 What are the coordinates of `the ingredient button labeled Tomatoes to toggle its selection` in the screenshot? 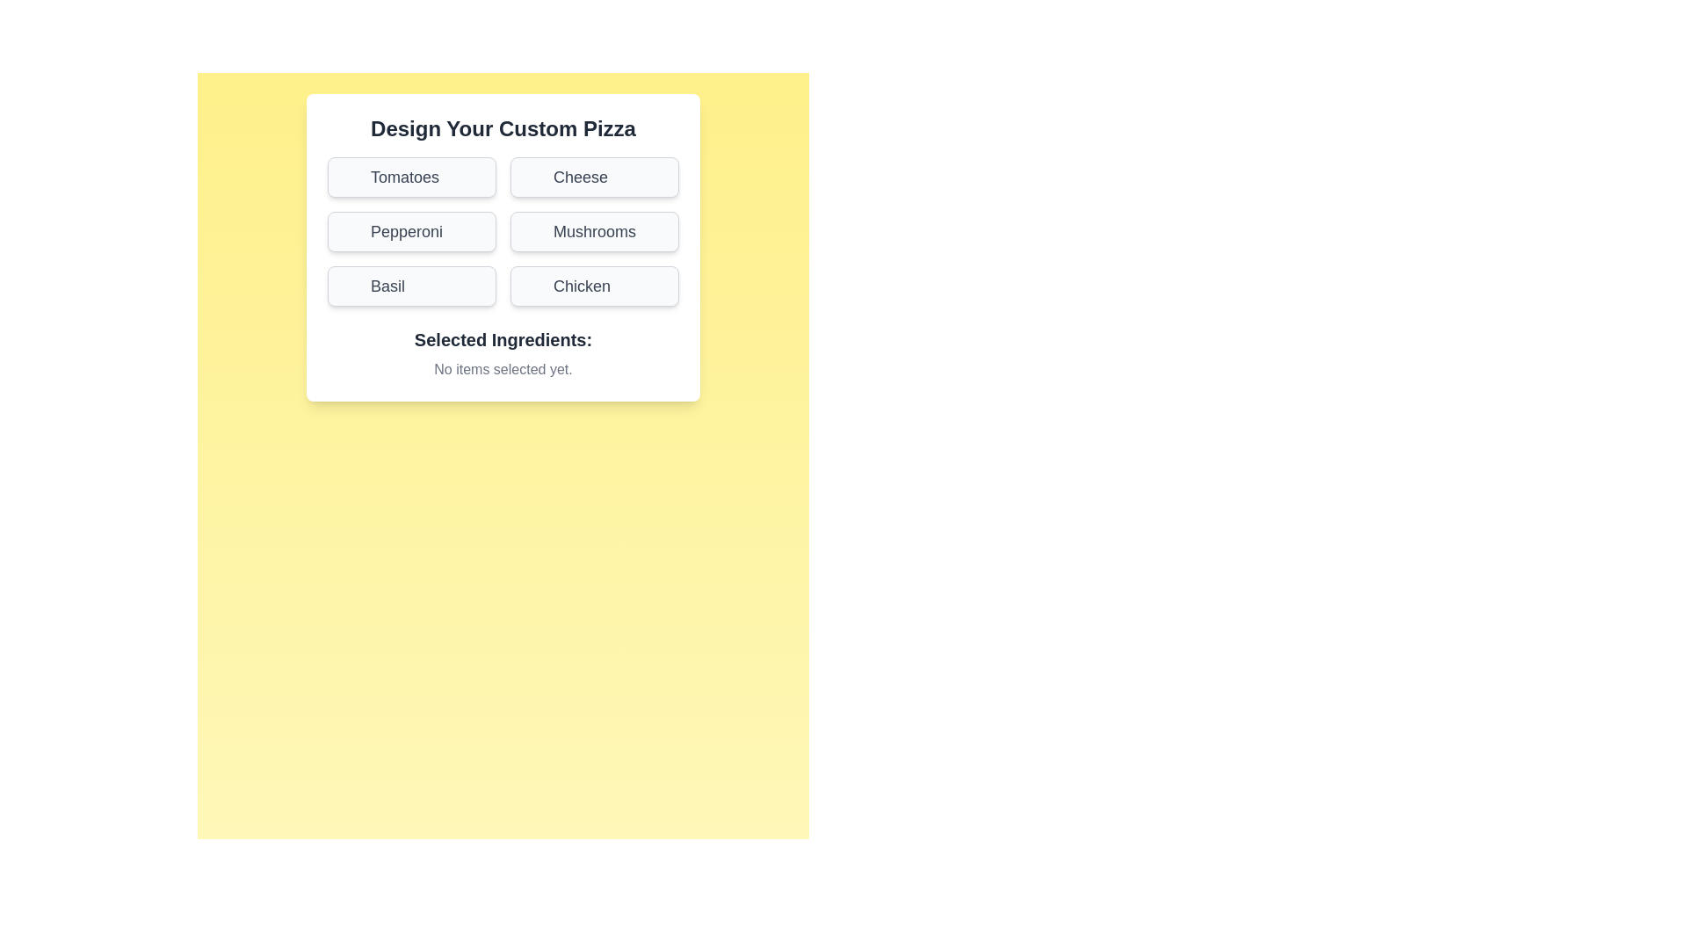 It's located at (411, 177).